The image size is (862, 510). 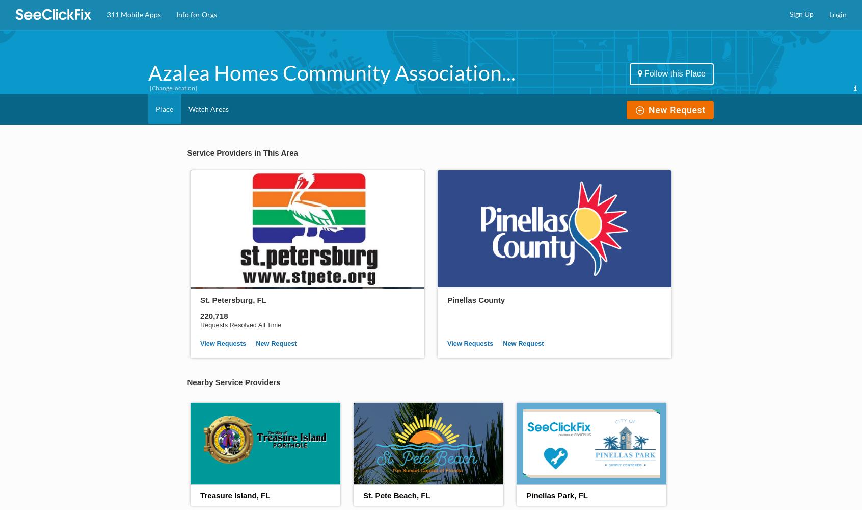 What do you see at coordinates (642, 73) in the screenshot?
I see `'Follow this Place'` at bounding box center [642, 73].